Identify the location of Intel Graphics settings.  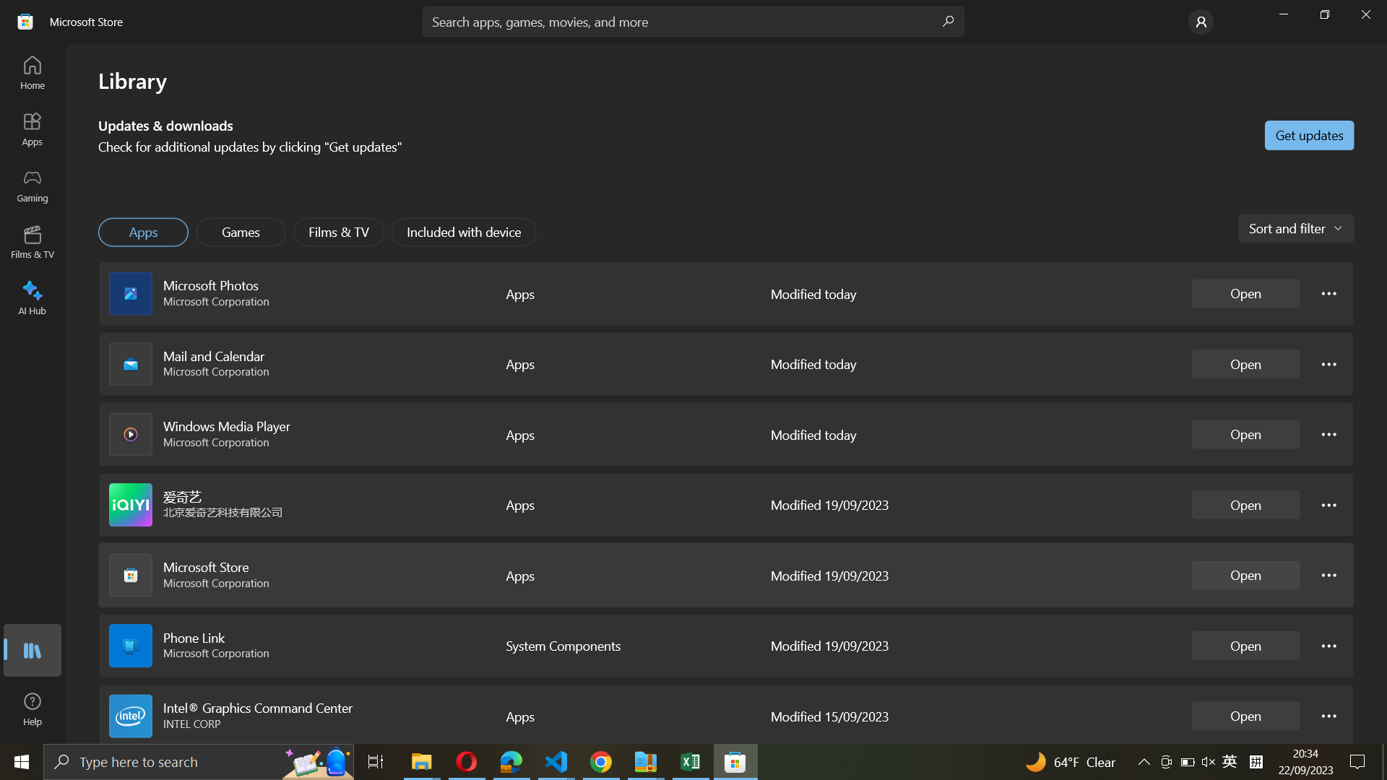
(1328, 716).